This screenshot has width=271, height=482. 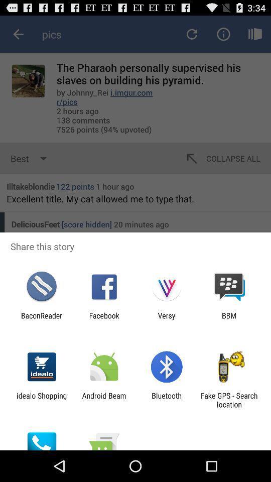 What do you see at coordinates (229, 319) in the screenshot?
I see `app to the right of the versy icon` at bounding box center [229, 319].